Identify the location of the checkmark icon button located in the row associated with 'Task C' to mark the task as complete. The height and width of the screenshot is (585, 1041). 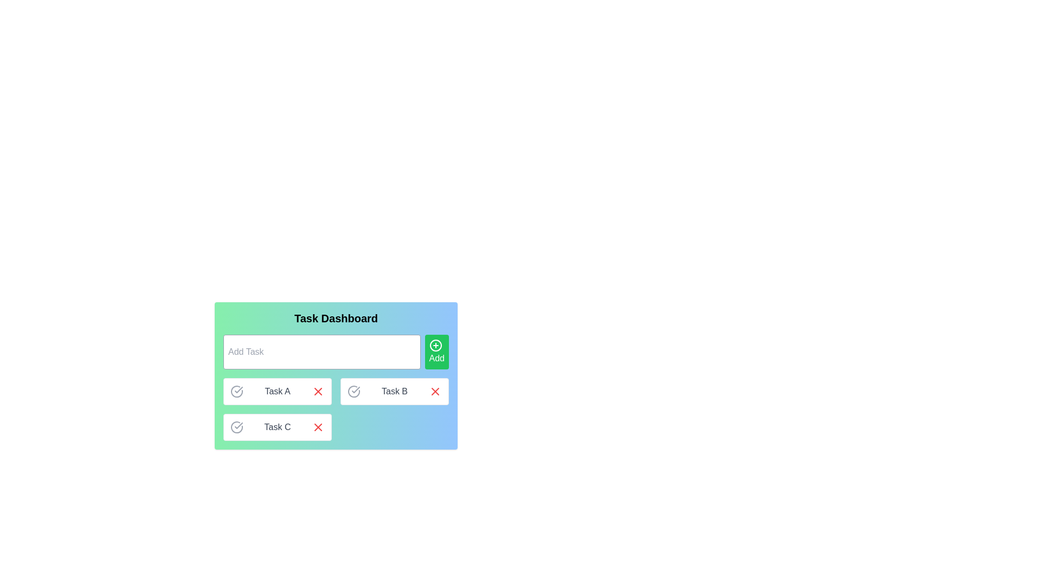
(238, 425).